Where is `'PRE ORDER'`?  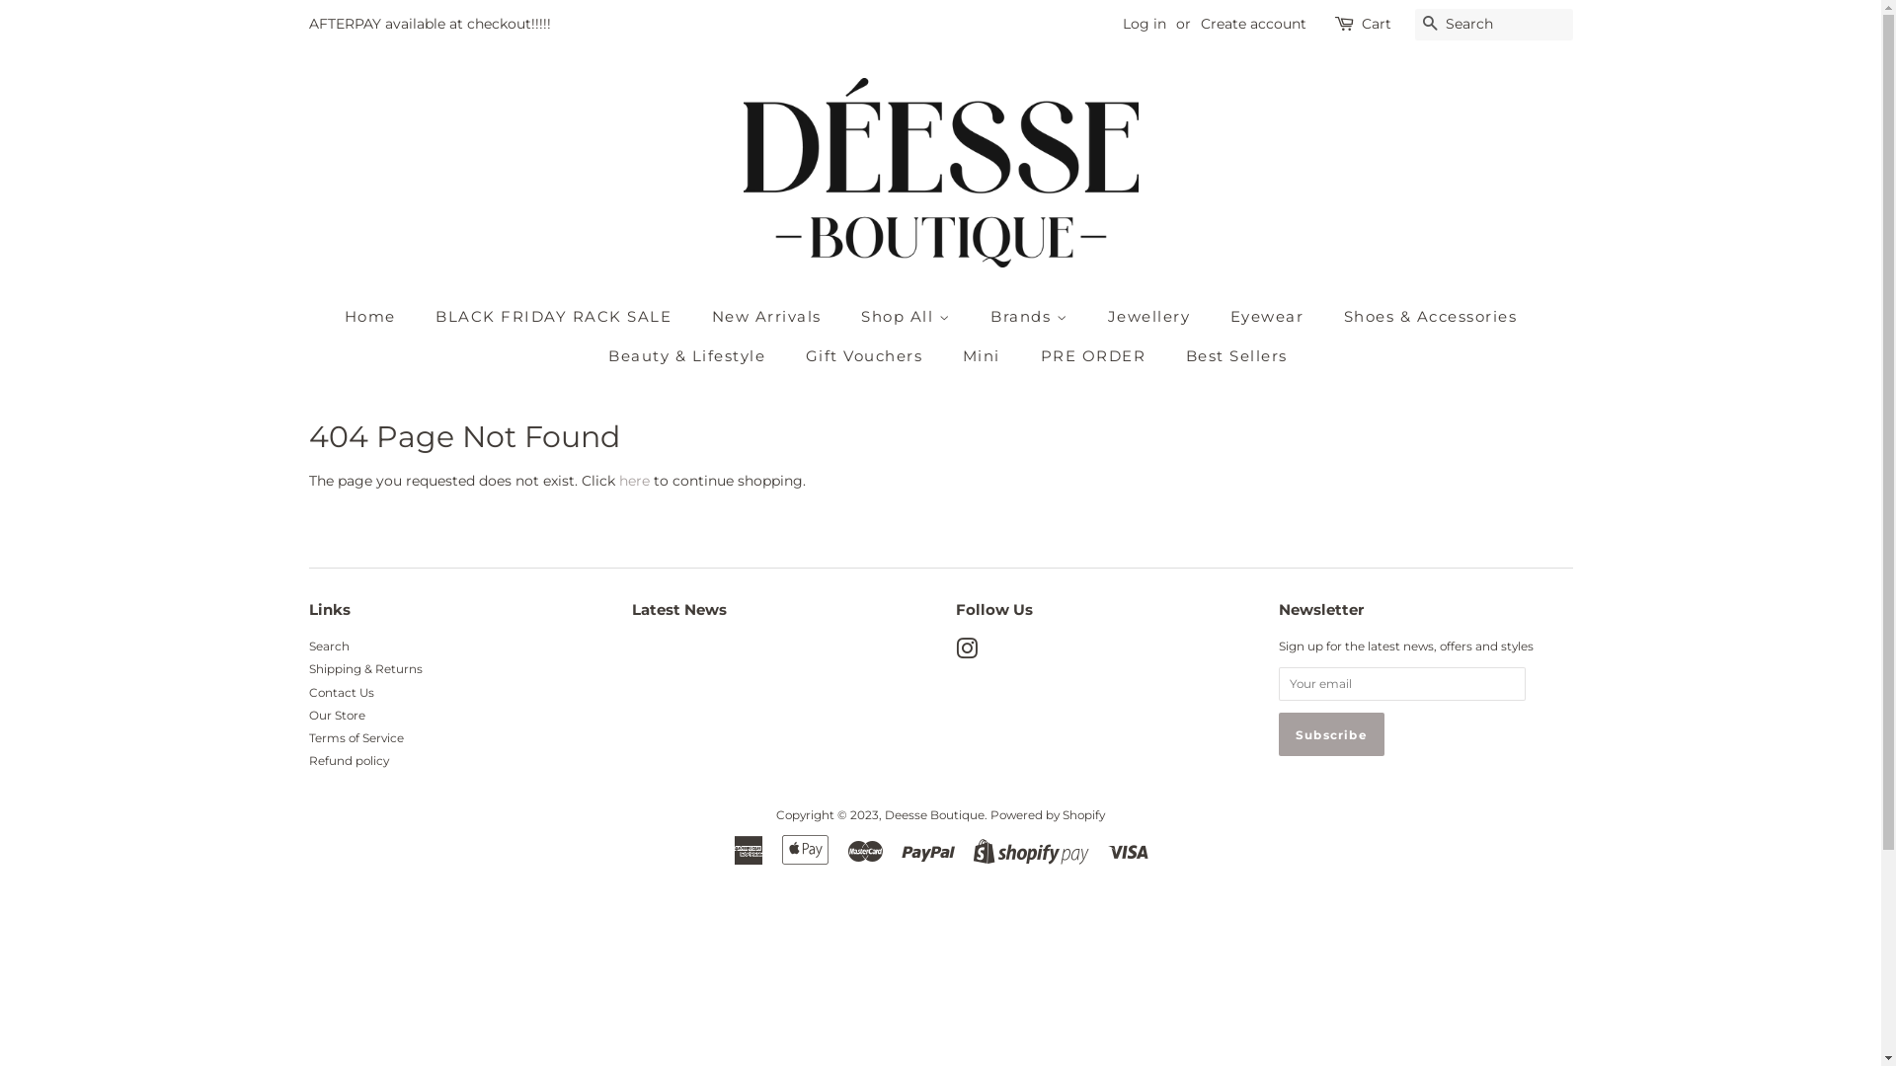 'PRE ORDER' is located at coordinates (1094, 356).